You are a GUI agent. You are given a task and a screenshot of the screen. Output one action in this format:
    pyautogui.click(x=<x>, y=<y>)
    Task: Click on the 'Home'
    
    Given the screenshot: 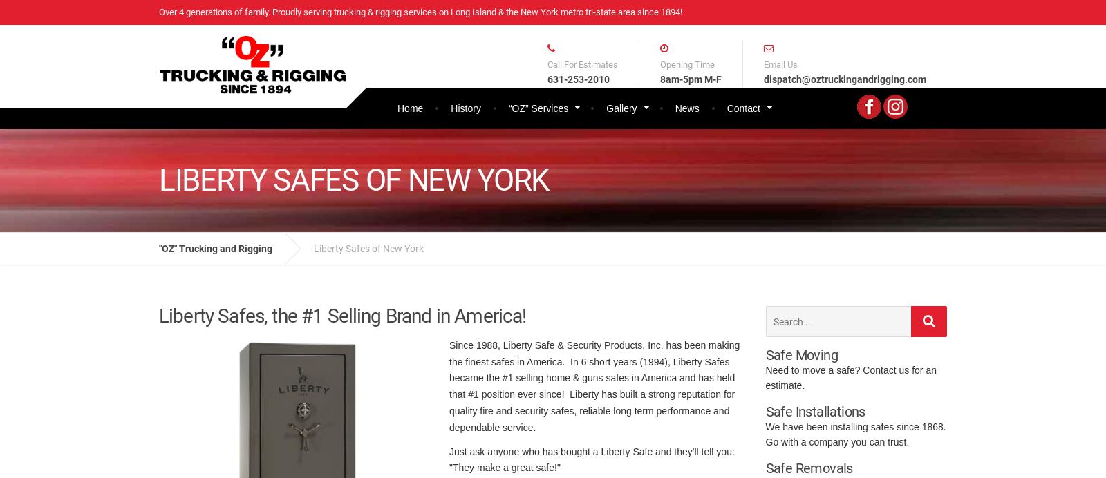 What is the action you would take?
    pyautogui.click(x=409, y=106)
    